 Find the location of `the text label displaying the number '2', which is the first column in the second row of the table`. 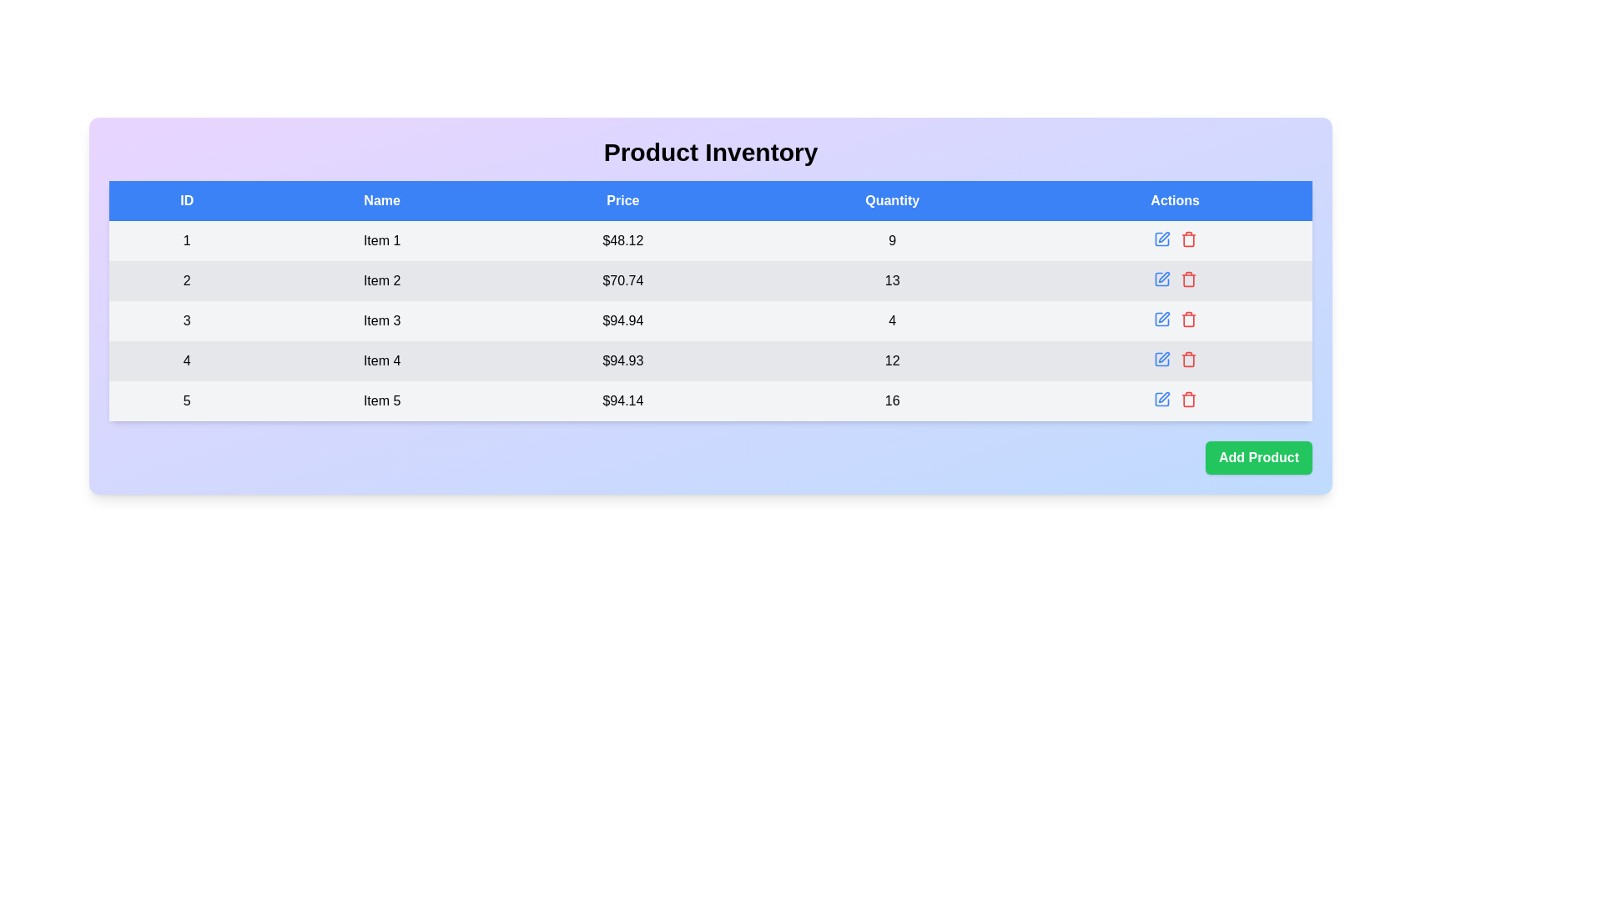

the text label displaying the number '2', which is the first column in the second row of the table is located at coordinates (187, 279).